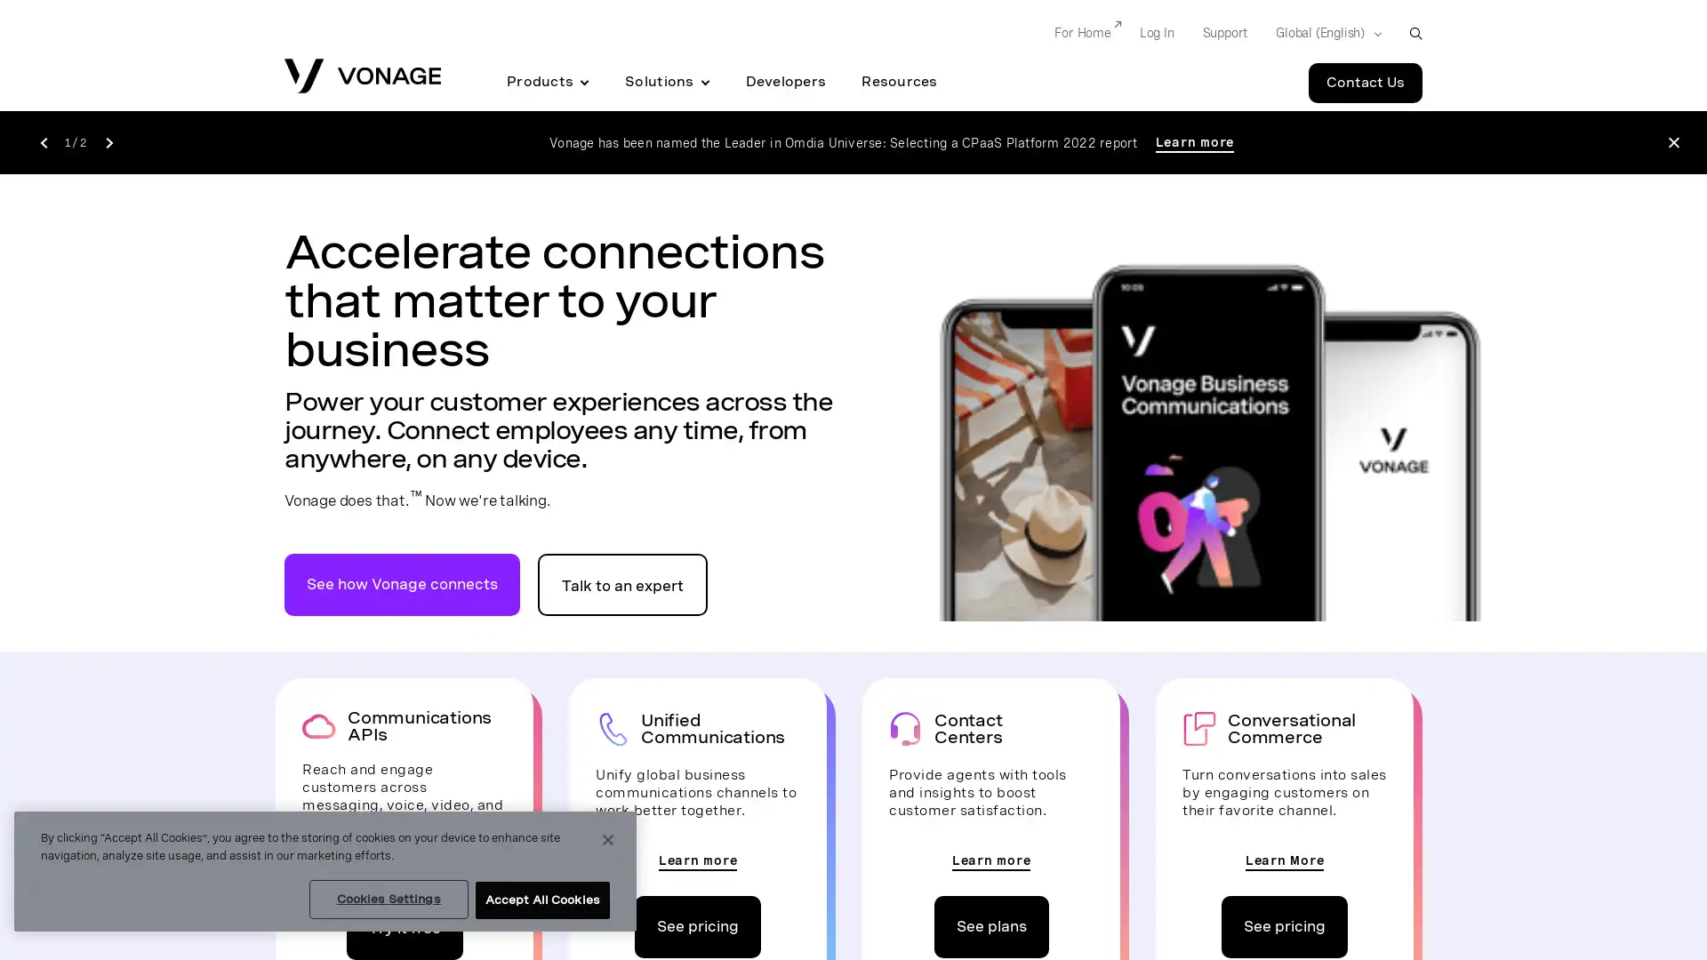  Describe the element at coordinates (1672, 141) in the screenshot. I see `Close the announcement` at that location.